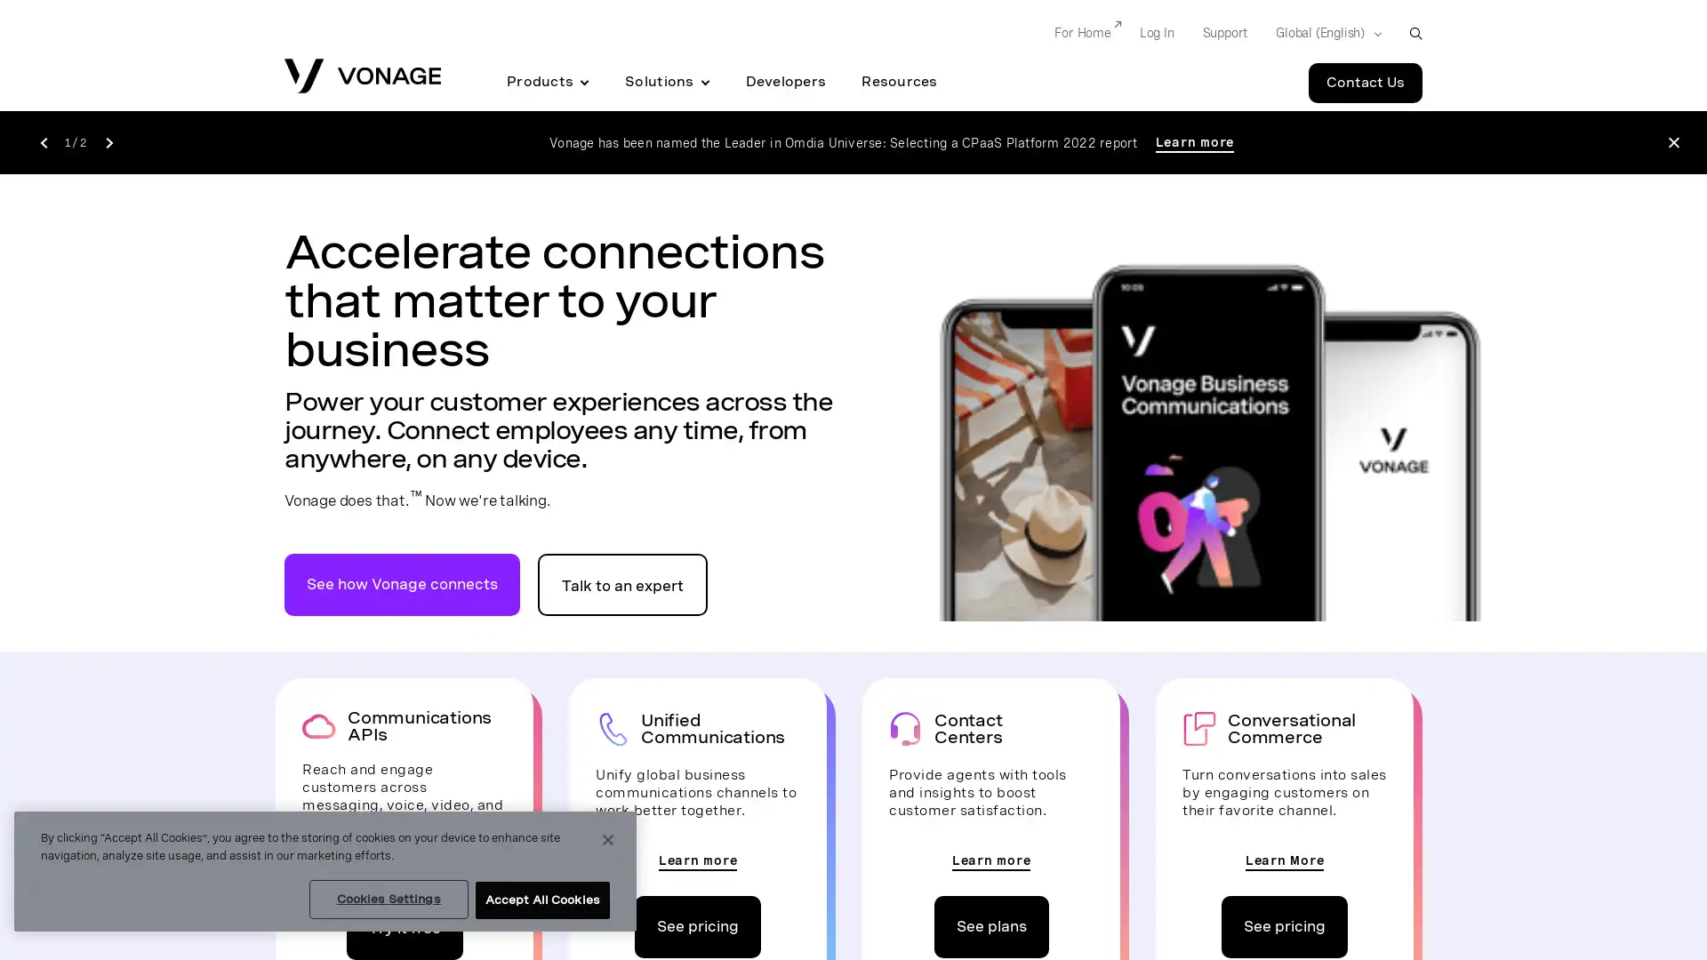  Describe the element at coordinates (1672, 141) in the screenshot. I see `Close the announcement` at that location.